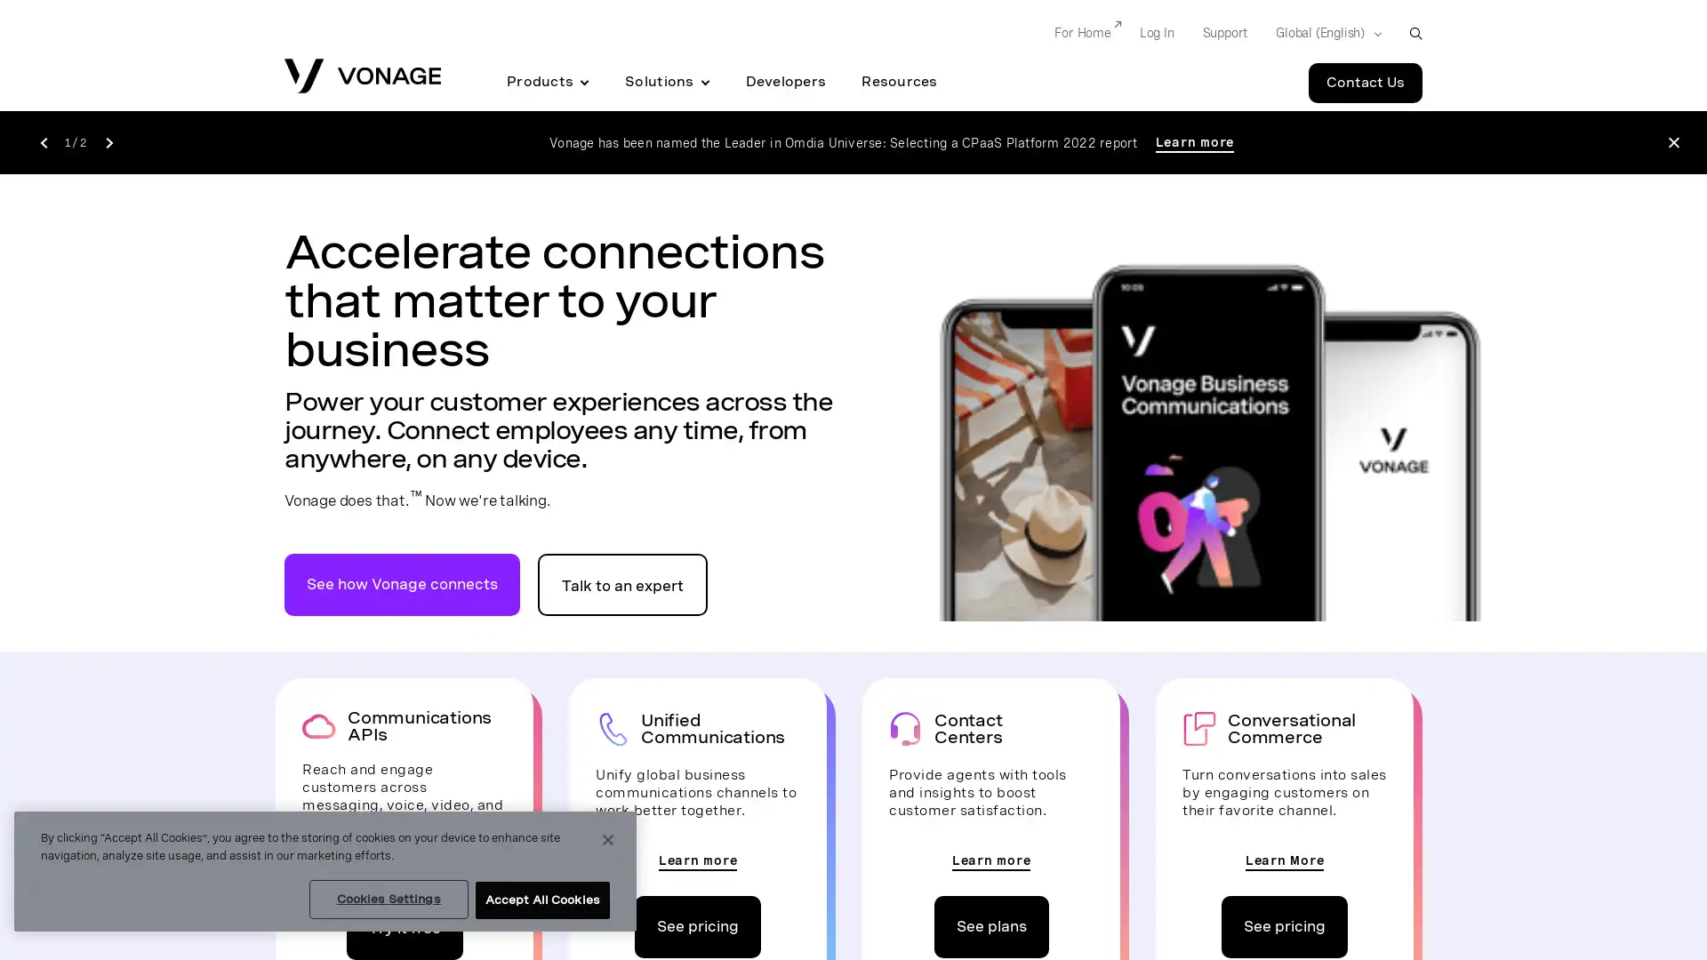  Describe the element at coordinates (1672, 141) in the screenshot. I see `Close the announcement` at that location.